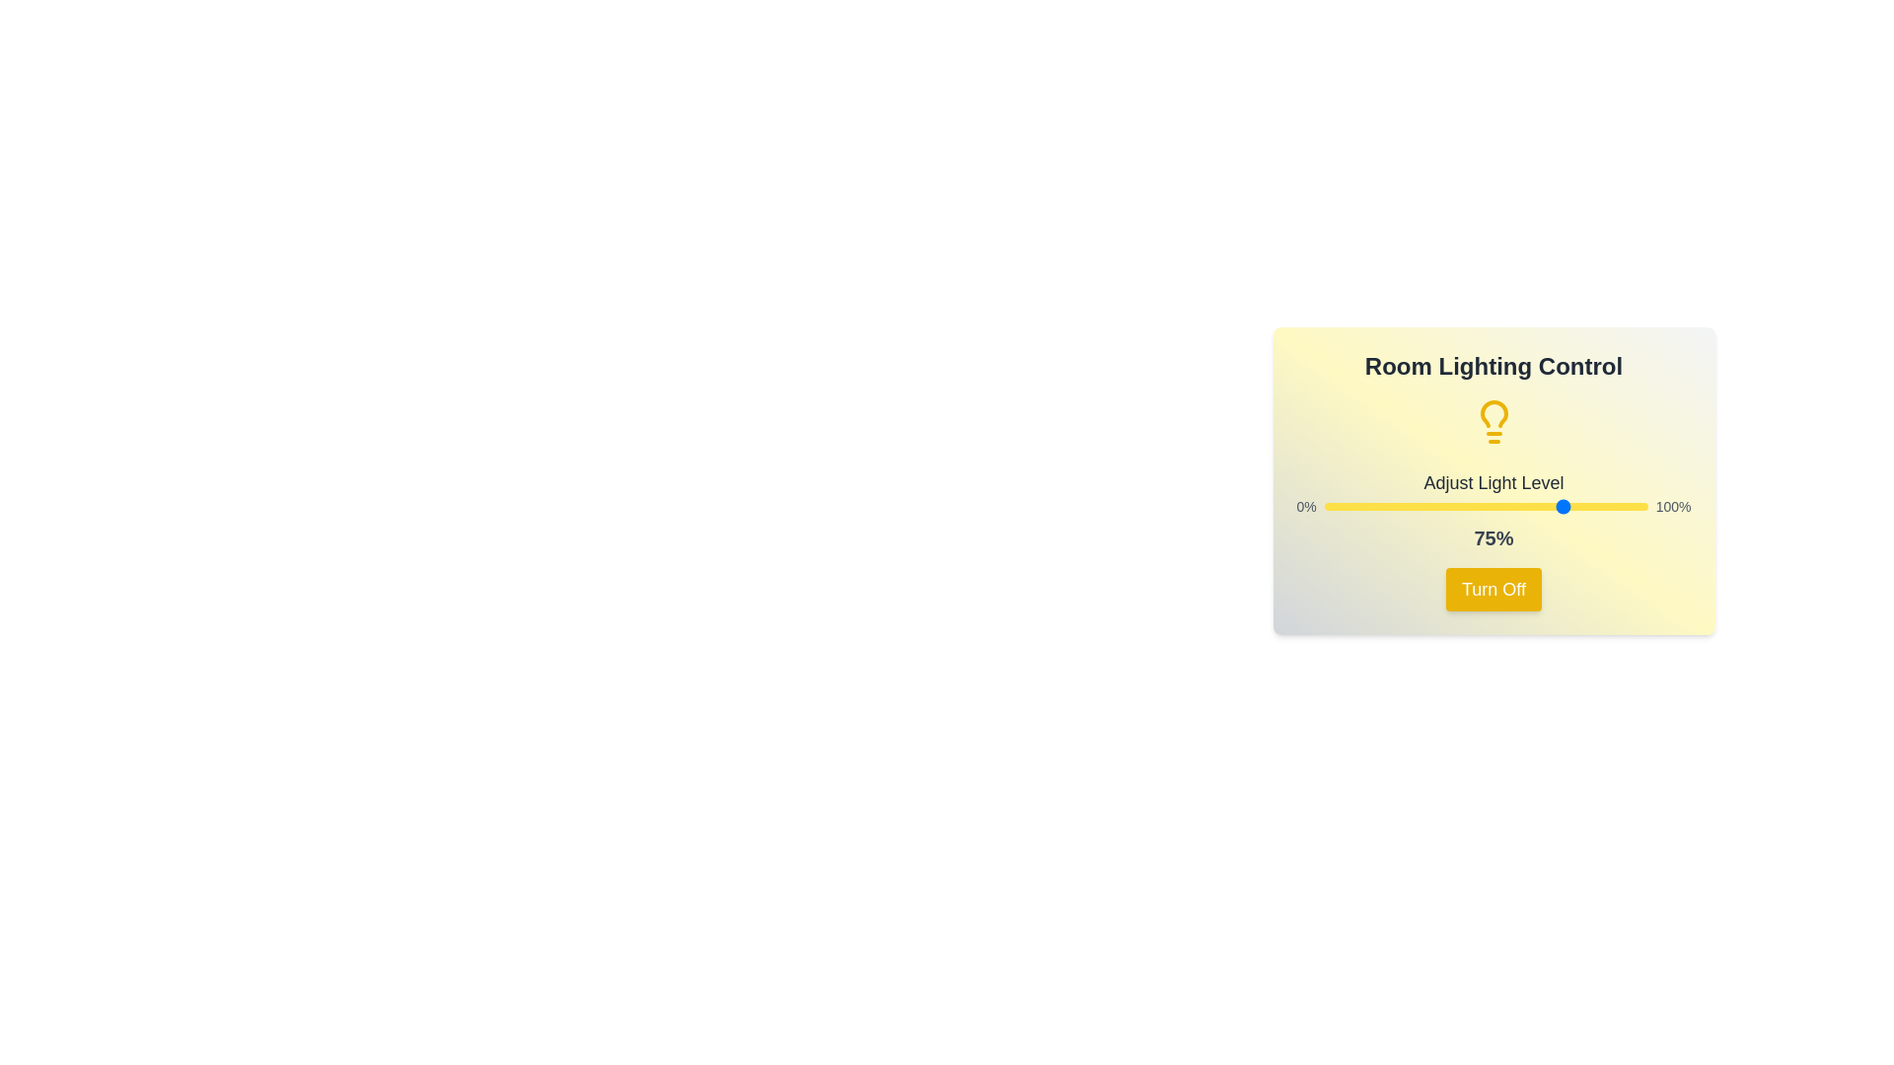 Image resolution: width=1894 pixels, height=1065 pixels. I want to click on the light level to 21% by dragging the slider, so click(1391, 505).